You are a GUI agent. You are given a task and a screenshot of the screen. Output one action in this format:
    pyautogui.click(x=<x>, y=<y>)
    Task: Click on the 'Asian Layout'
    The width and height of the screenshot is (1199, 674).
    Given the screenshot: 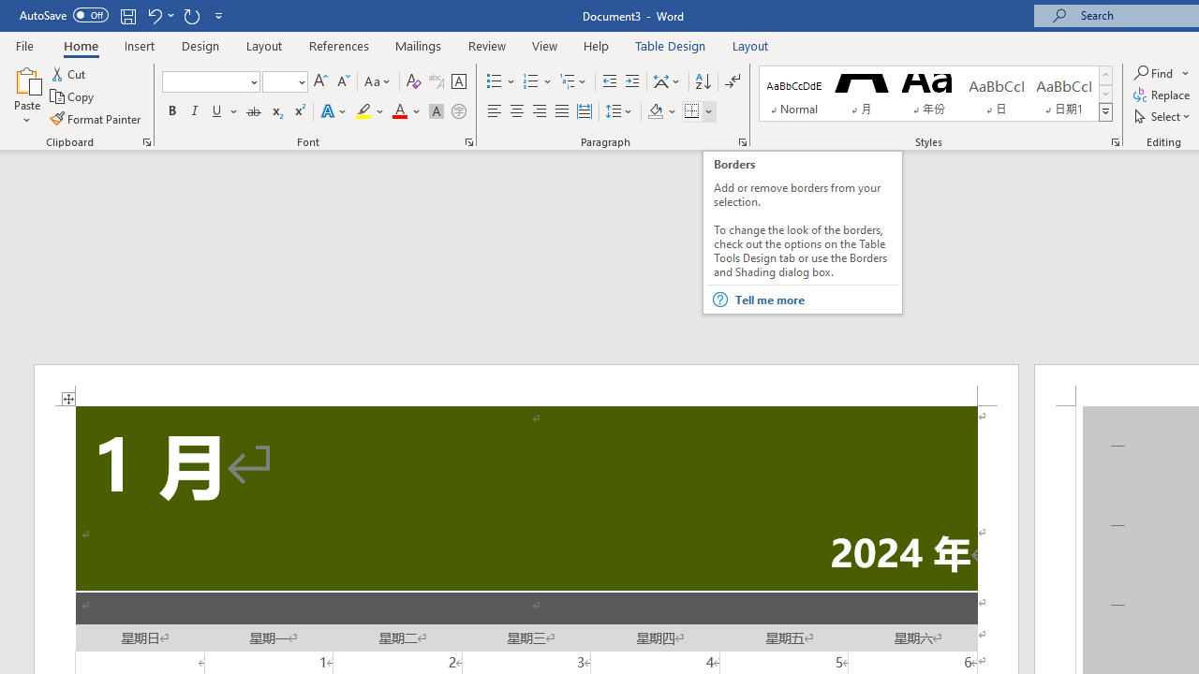 What is the action you would take?
    pyautogui.click(x=667, y=81)
    